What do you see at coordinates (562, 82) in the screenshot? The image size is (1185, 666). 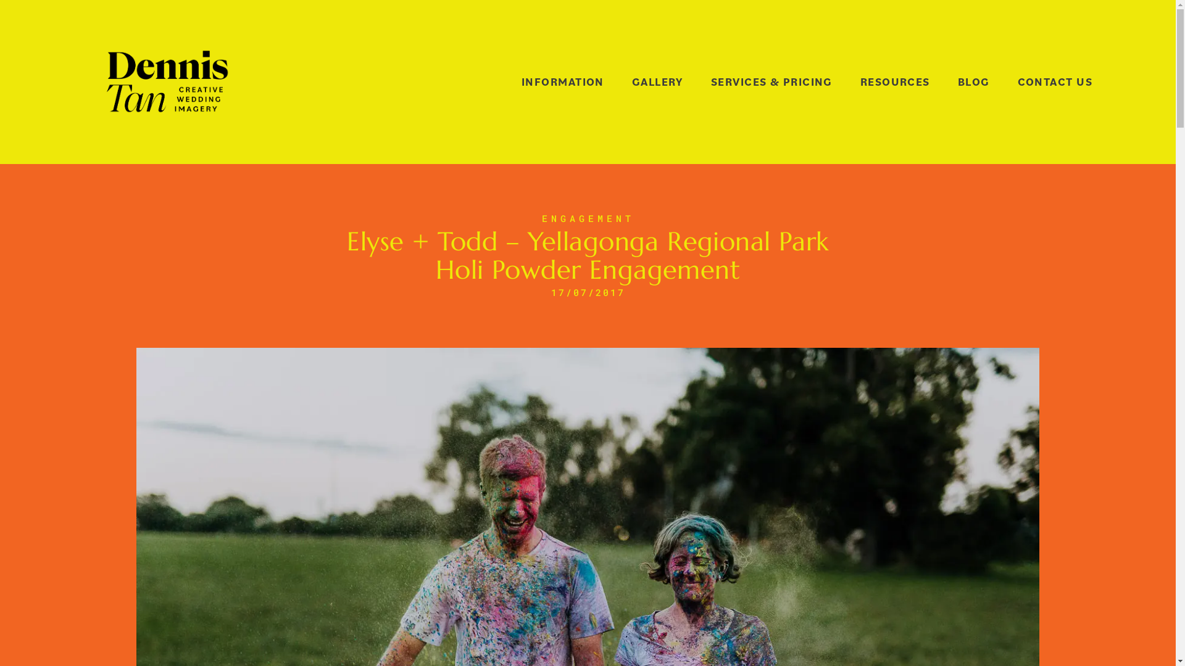 I see `'INFORMATION'` at bounding box center [562, 82].